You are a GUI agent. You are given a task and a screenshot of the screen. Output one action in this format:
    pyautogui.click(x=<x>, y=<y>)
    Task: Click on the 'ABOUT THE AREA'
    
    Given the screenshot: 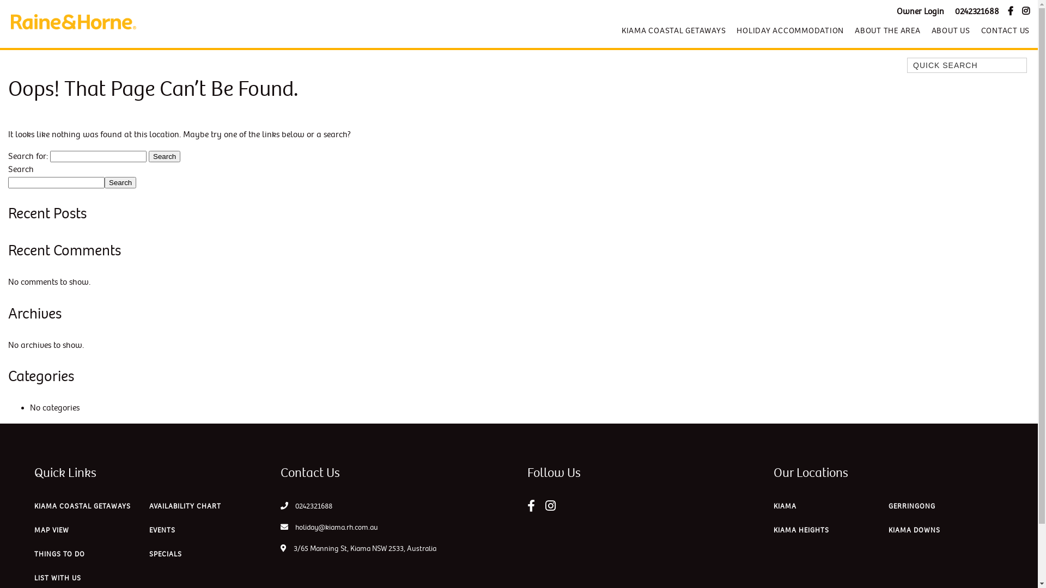 What is the action you would take?
    pyautogui.click(x=887, y=30)
    